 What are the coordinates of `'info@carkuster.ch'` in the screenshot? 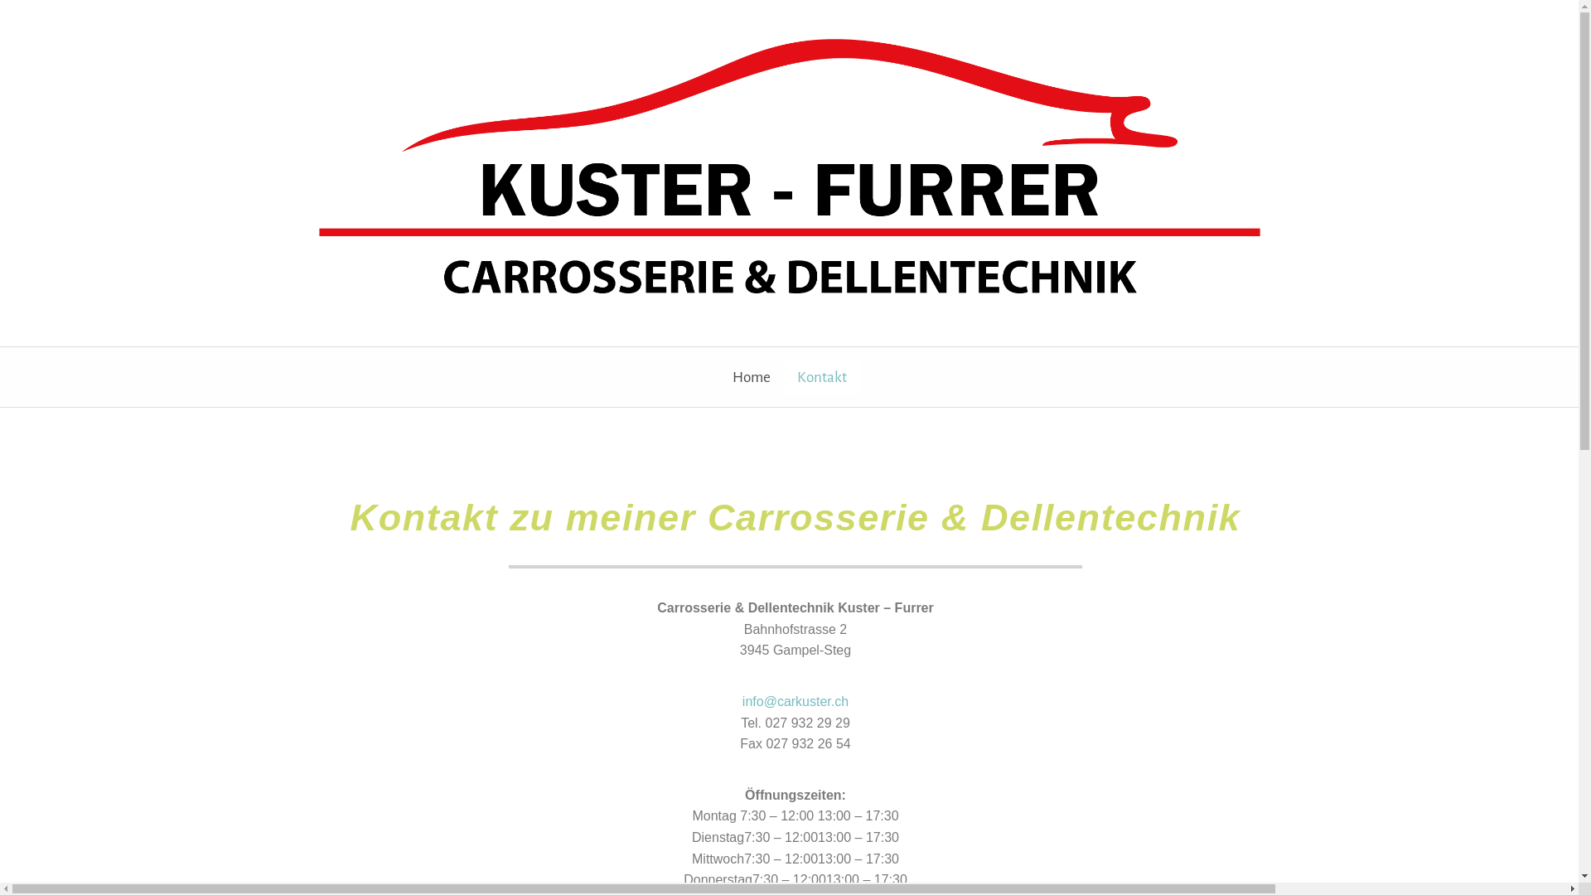 It's located at (742, 701).